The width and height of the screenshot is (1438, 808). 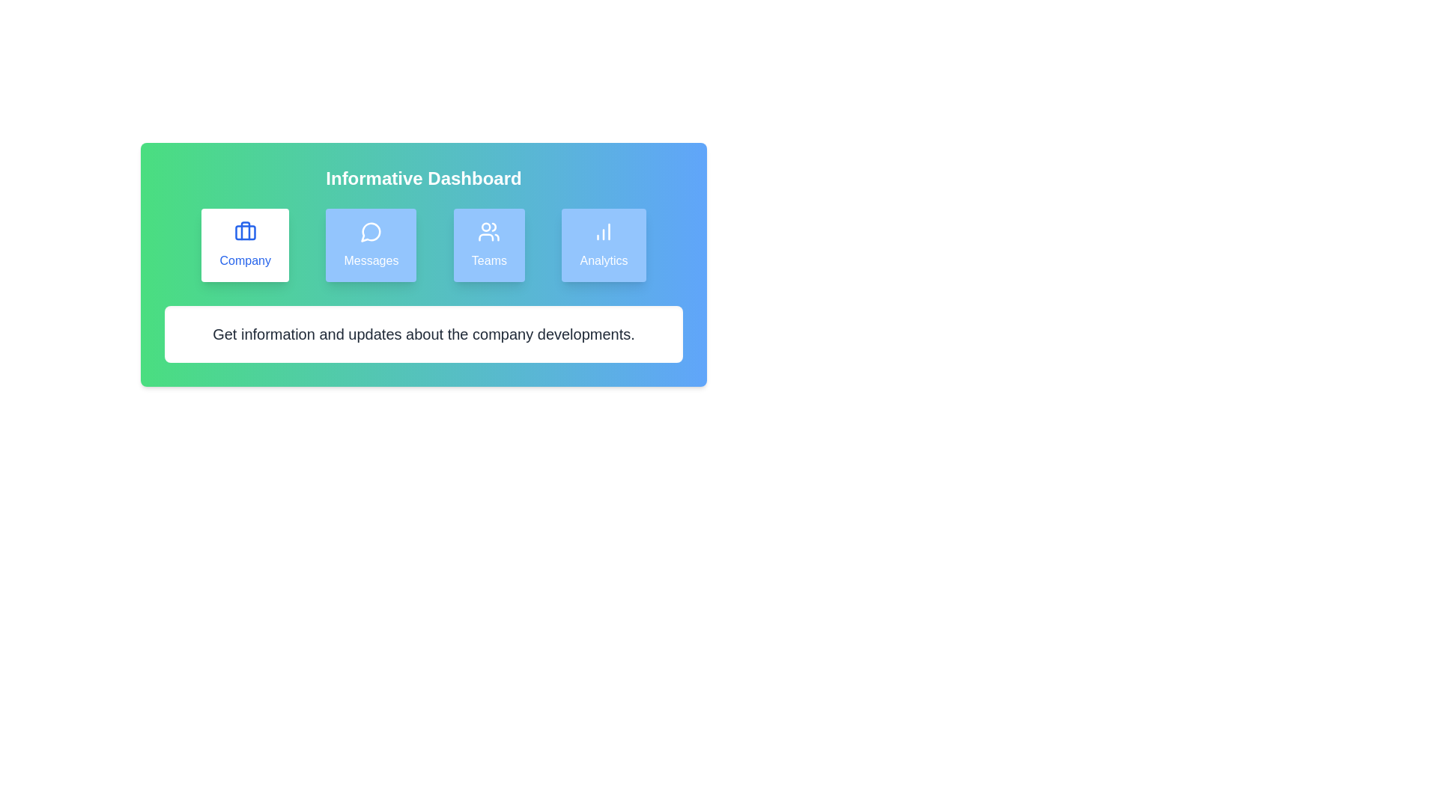 What do you see at coordinates (245, 231) in the screenshot?
I see `the Company section icon located centrally within the first card of the dashboard, directly above the 'Company' text` at bounding box center [245, 231].